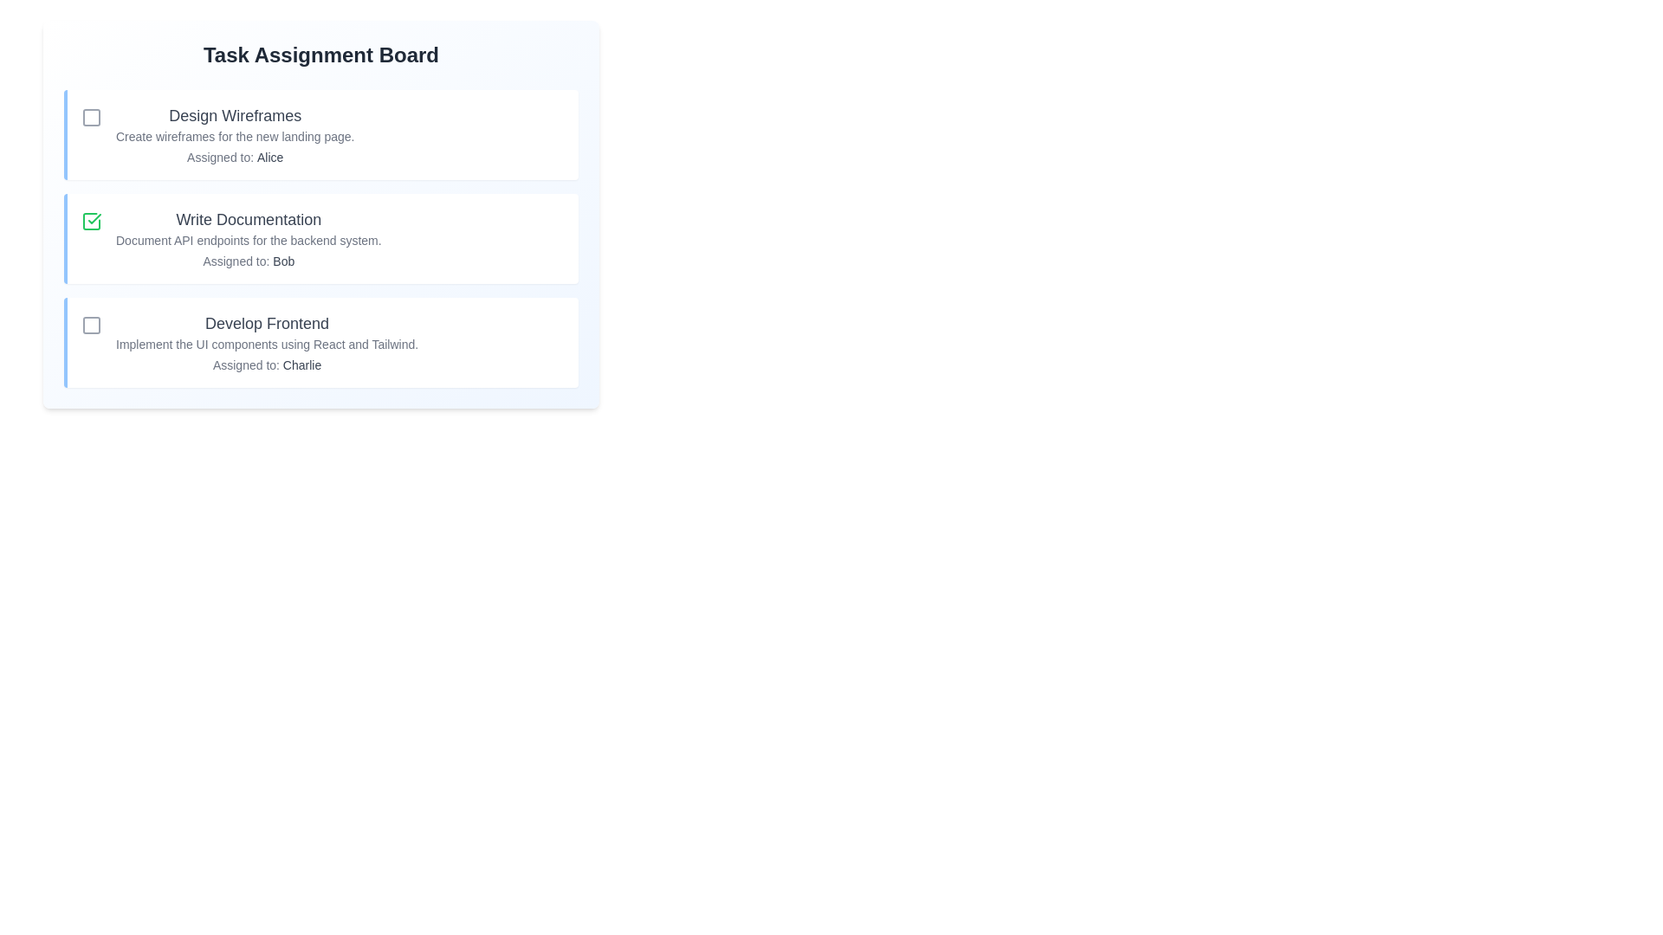  Describe the element at coordinates (90, 325) in the screenshot. I see `the small square with rounded corners inside the red-bordered checkbox in the 'Develop Frontend' row, which is the third task in the list` at that location.